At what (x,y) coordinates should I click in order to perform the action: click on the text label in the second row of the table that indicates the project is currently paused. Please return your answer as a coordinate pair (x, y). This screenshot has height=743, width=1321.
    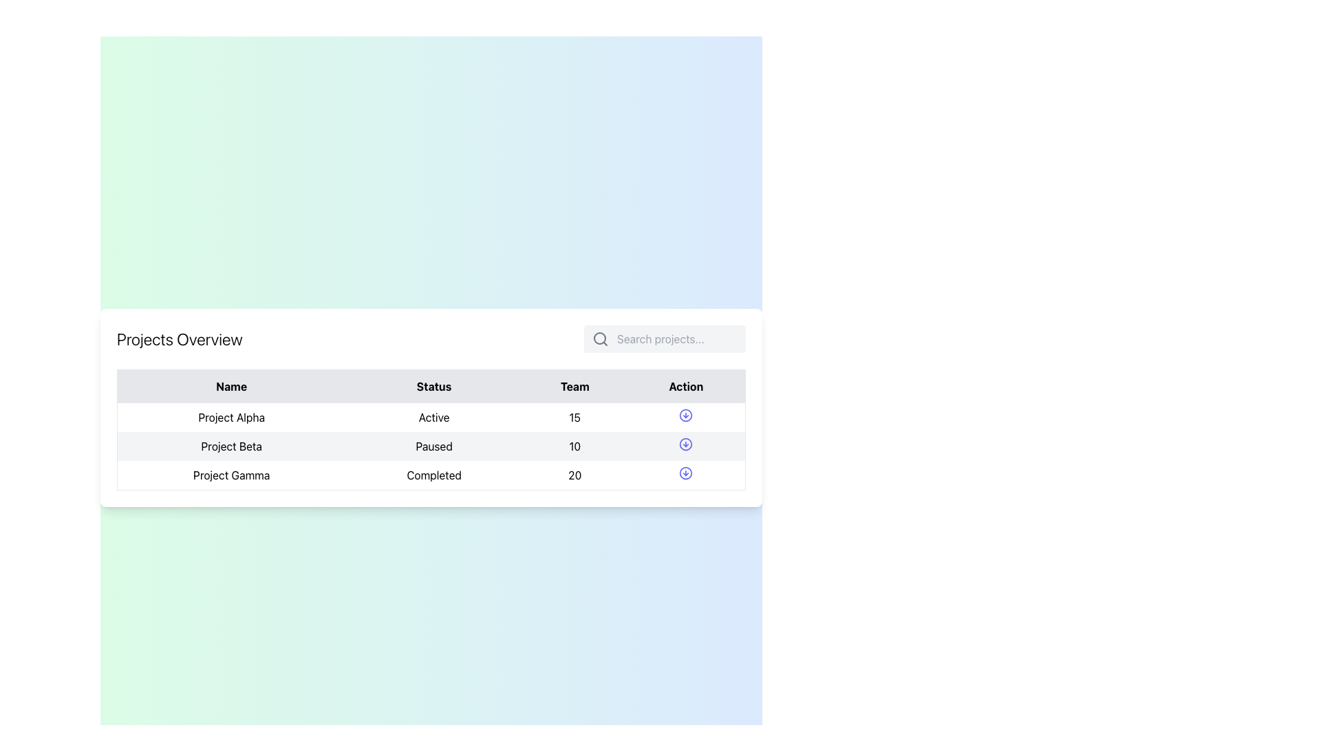
    Looking at the image, I should click on (433, 446).